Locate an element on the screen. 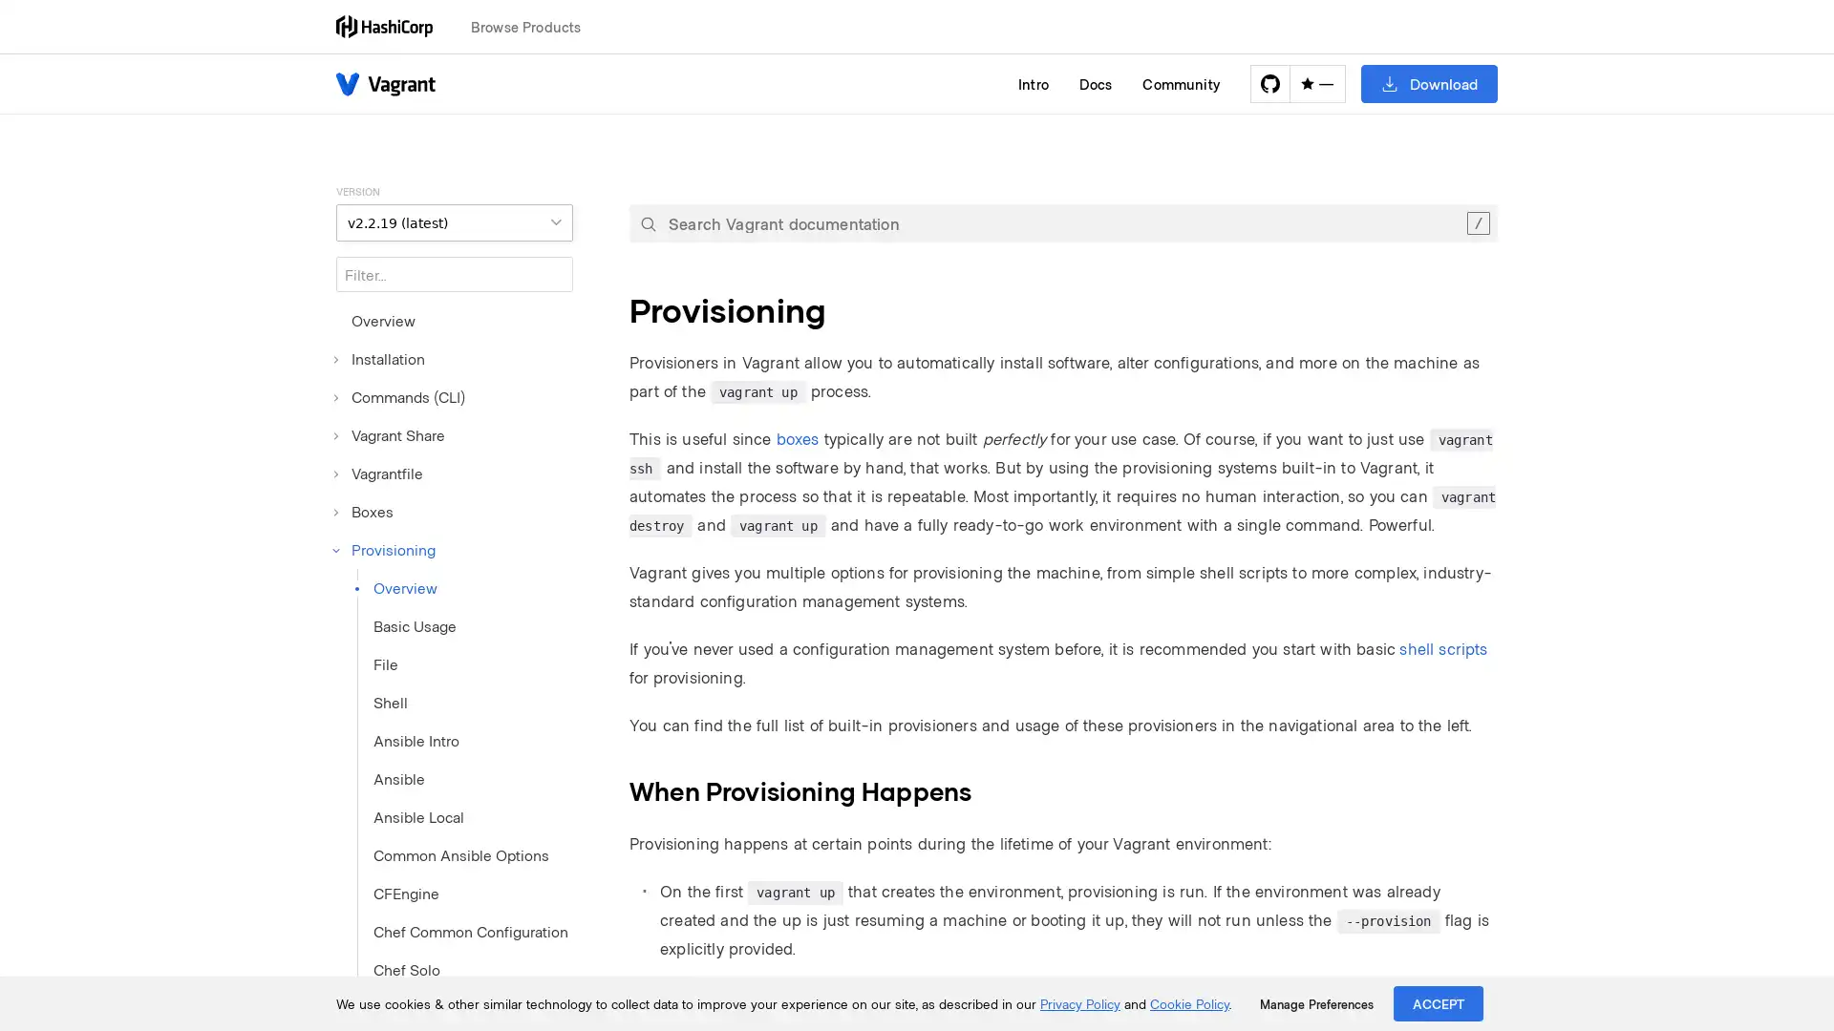 Image resolution: width=1834 pixels, height=1031 pixels. Manage Preferences is located at coordinates (1315, 1003).